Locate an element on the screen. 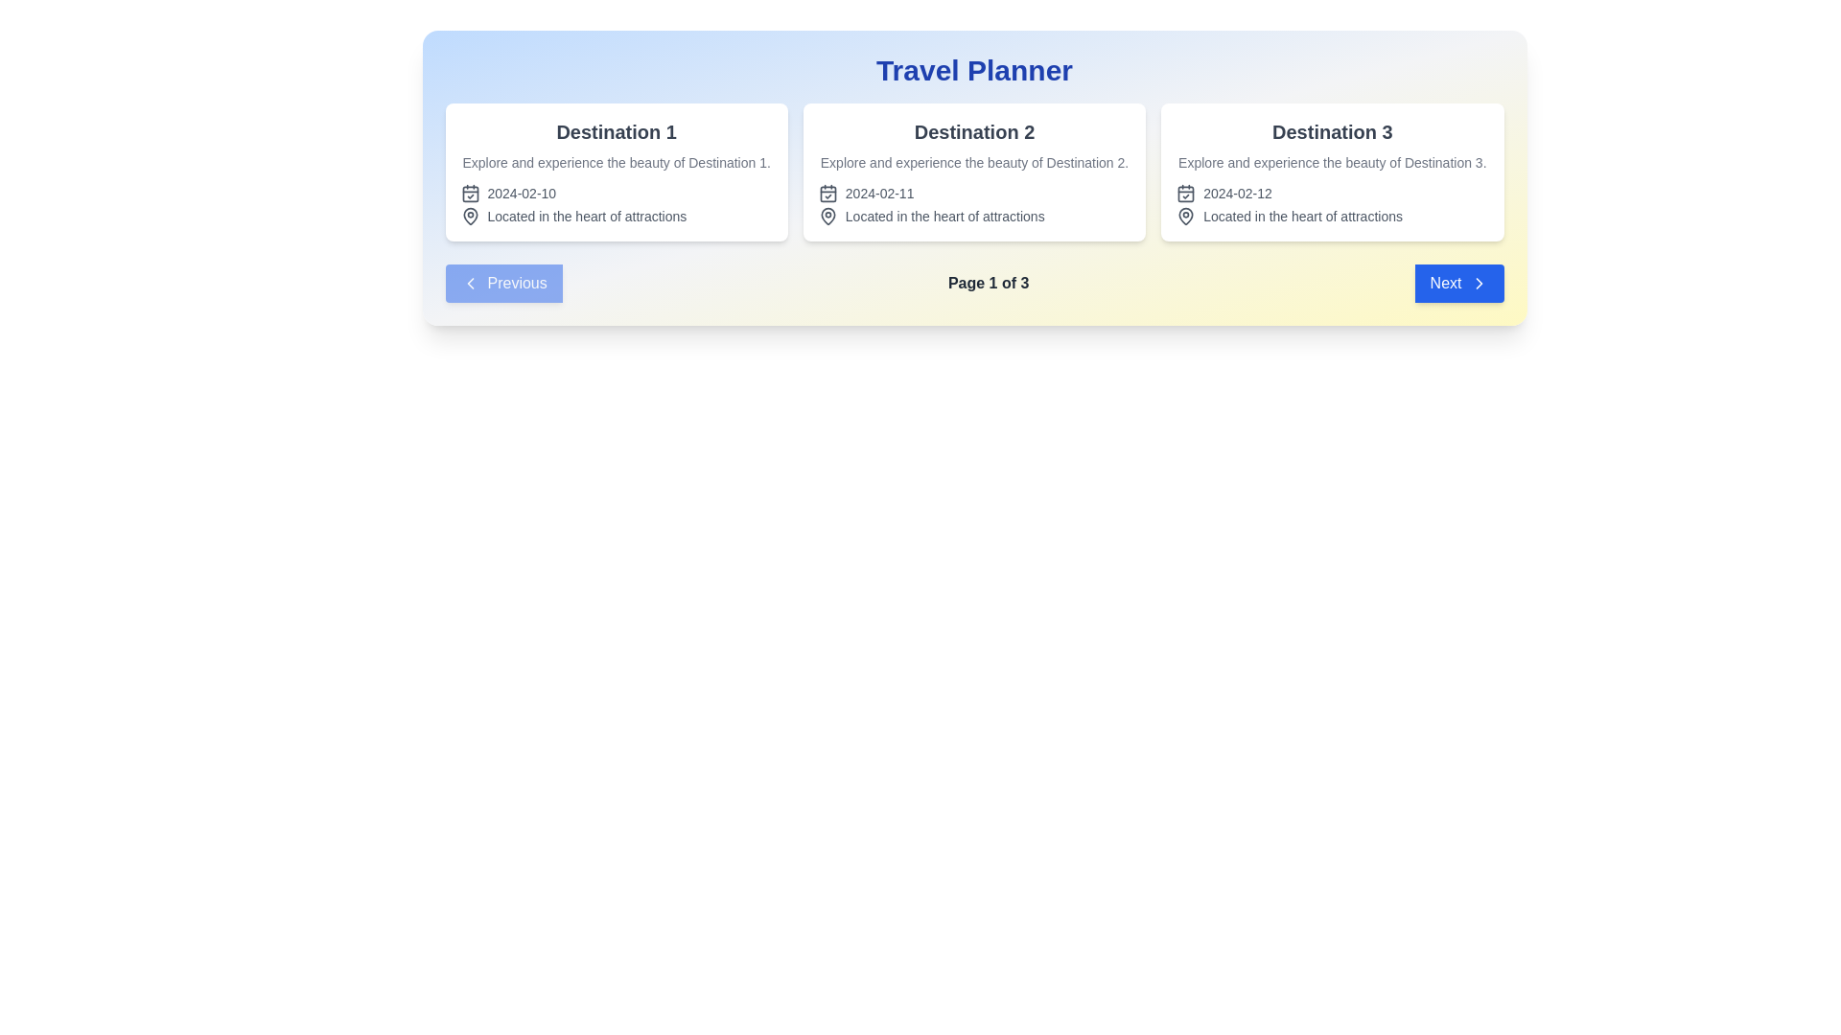 The width and height of the screenshot is (1841, 1035). the date block associated with 'Destination 3' is located at coordinates (1331, 193).